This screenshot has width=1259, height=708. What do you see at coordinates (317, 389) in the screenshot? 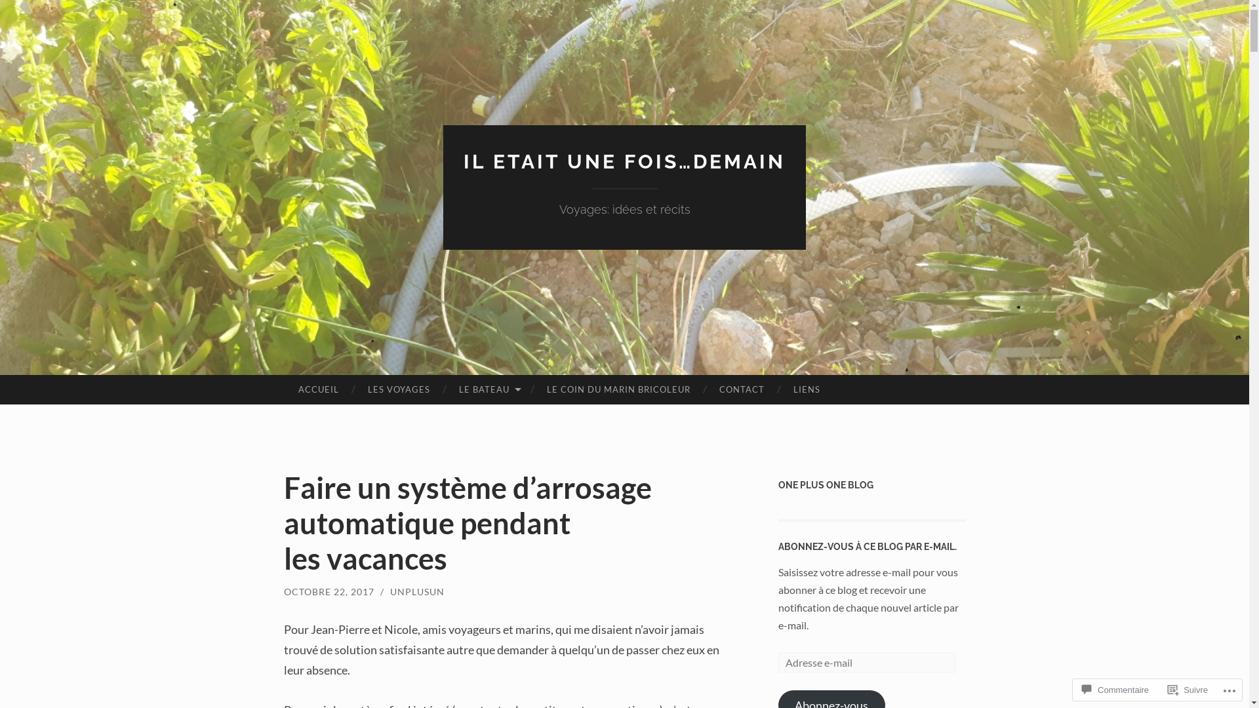
I see `'ACCUEIL'` at bounding box center [317, 389].